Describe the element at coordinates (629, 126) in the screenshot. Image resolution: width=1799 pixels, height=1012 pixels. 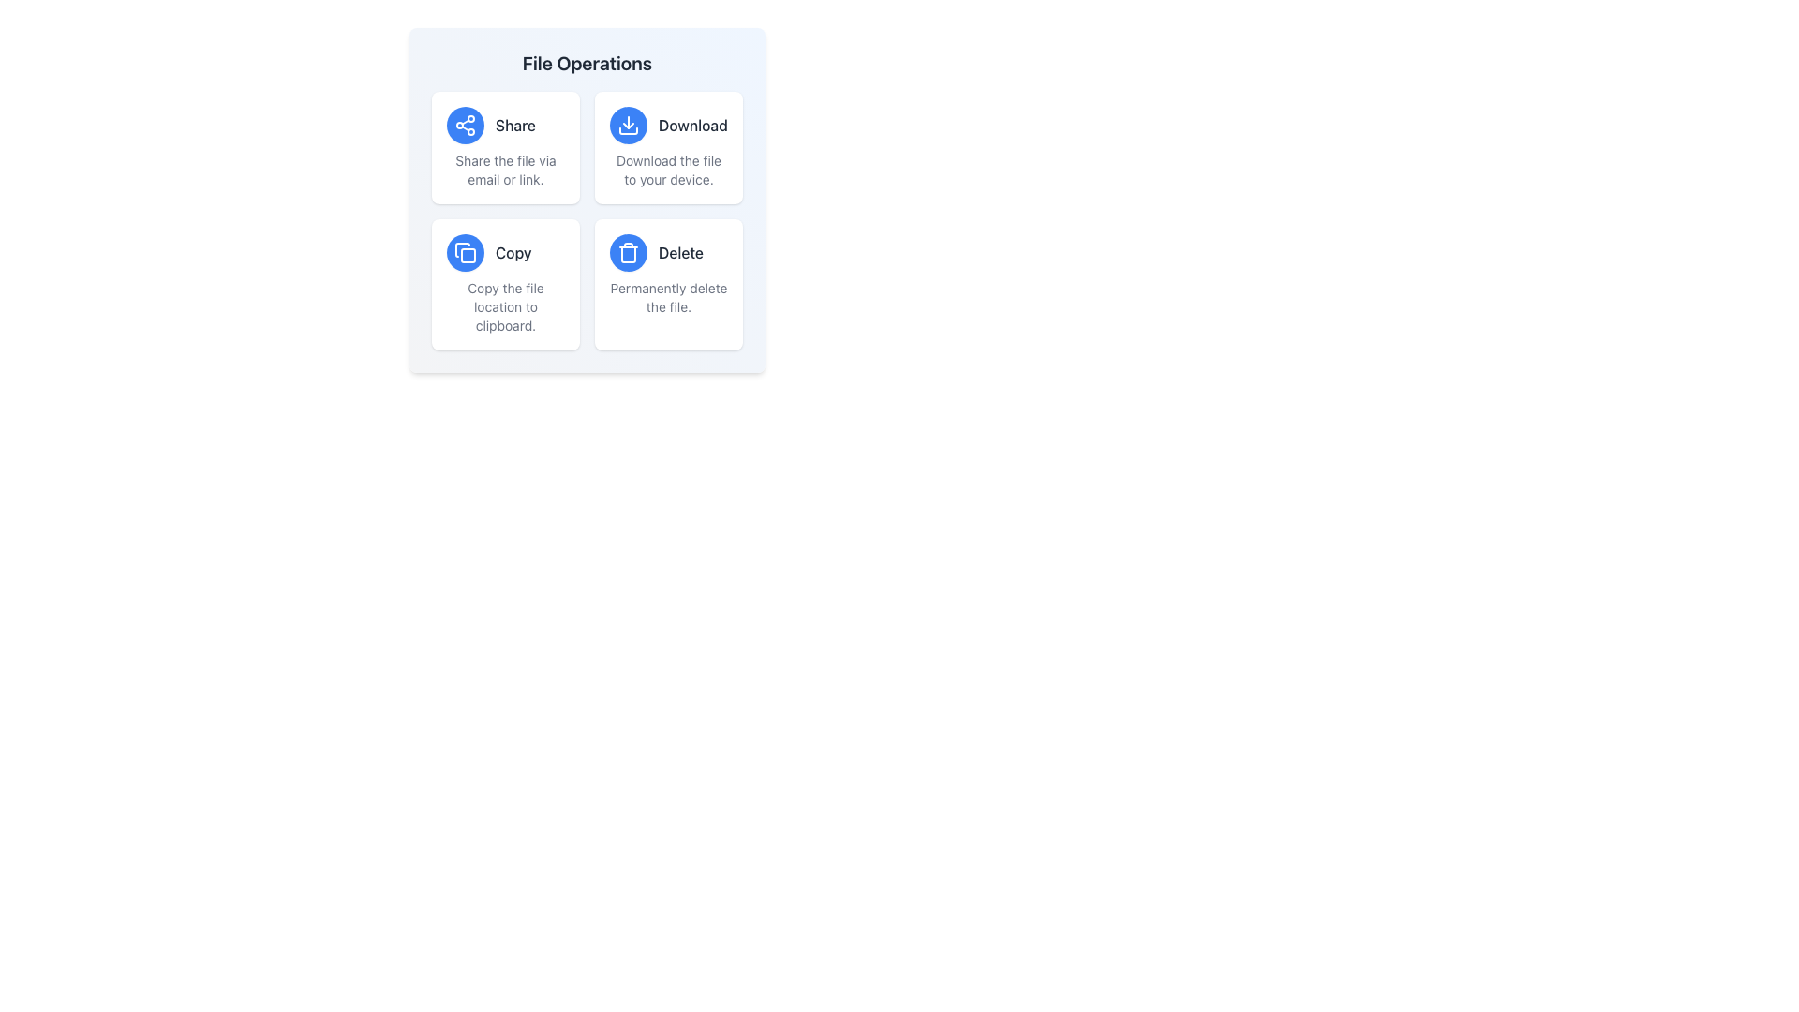
I see `the download icon, which is a white downward arrow with a horizontal line beneath it, located in the top-right of the 'File Operations' panel to initiate the download` at that location.